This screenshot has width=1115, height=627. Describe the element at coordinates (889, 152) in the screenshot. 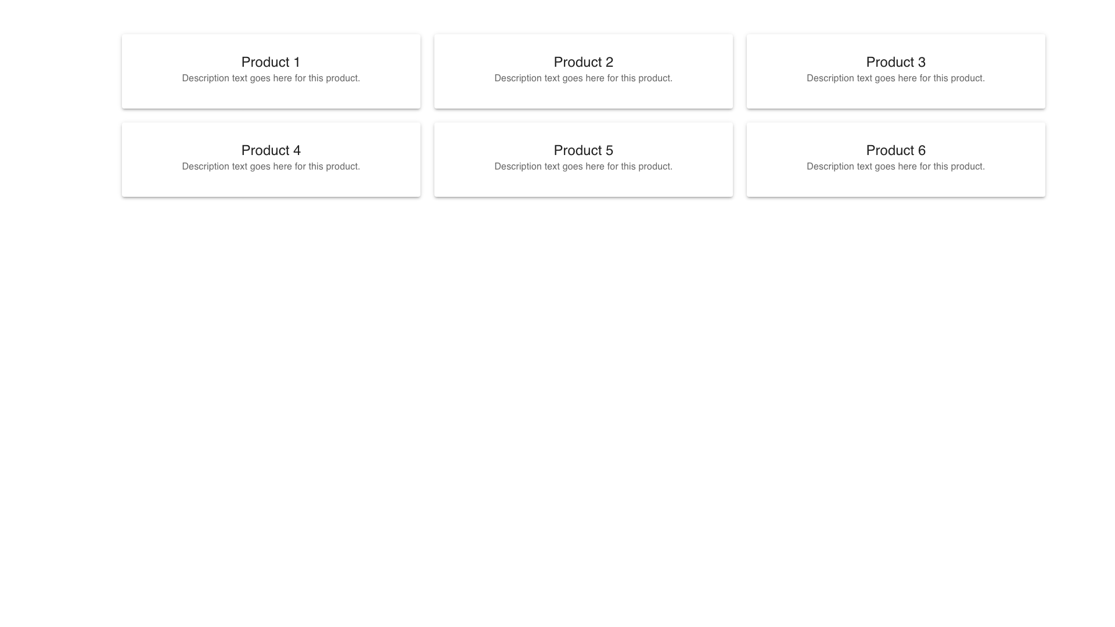

I see `the sixth product card in the grid layout` at that location.